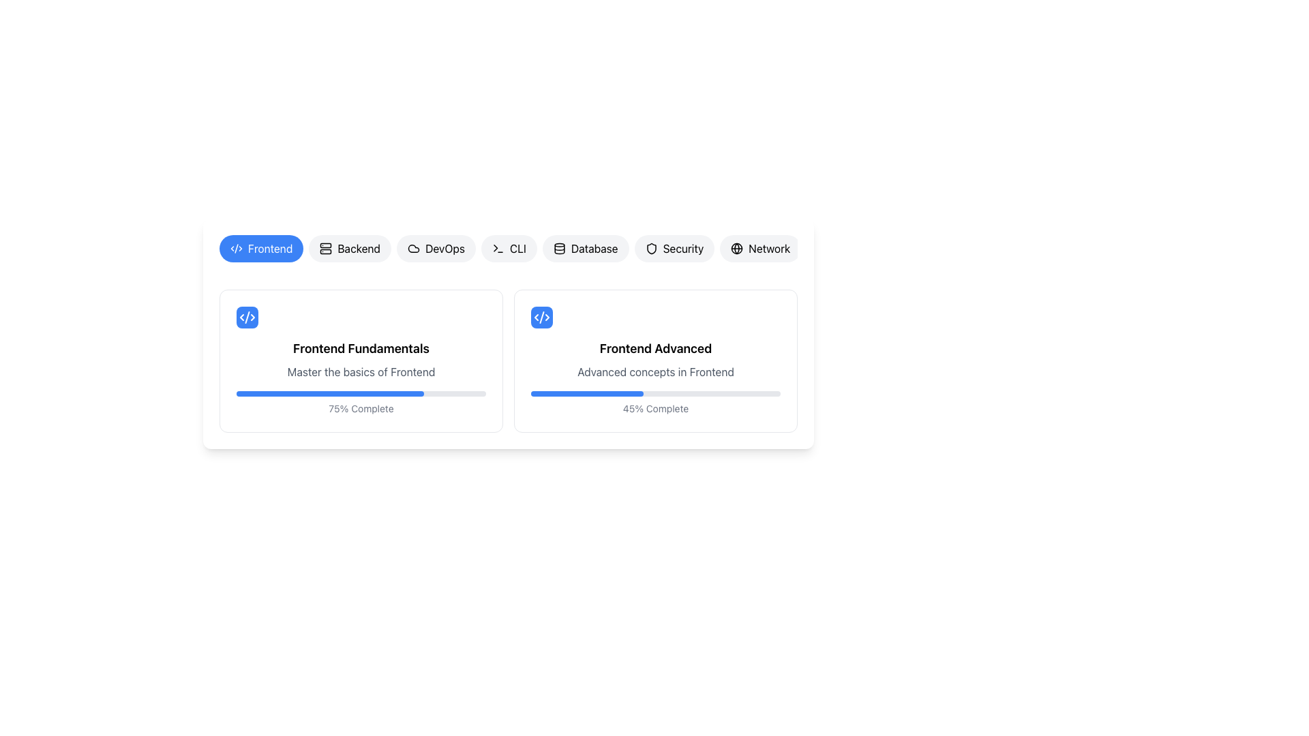 The width and height of the screenshot is (1309, 736). I want to click on the 'Frontend' text label within the first button in the horizontal list at the top of the interface, so click(270, 249).